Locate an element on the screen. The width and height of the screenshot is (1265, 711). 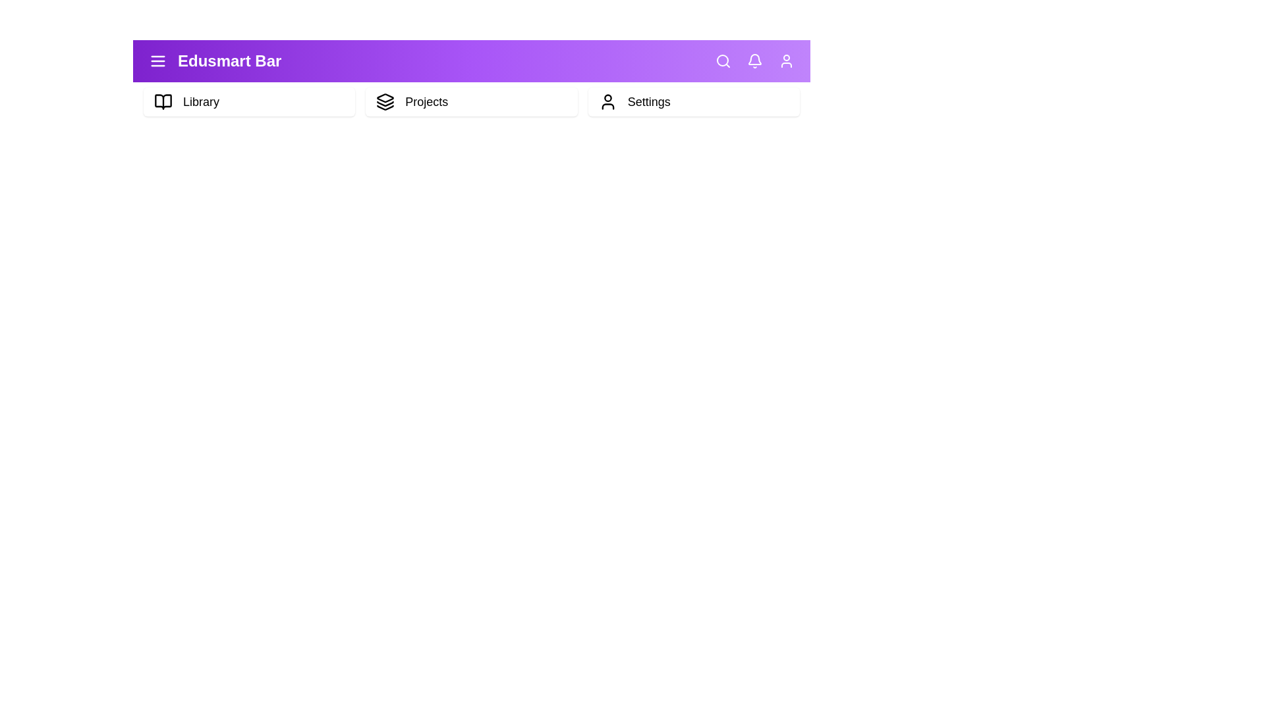
the 'Settings' button in the menu is located at coordinates (692, 101).